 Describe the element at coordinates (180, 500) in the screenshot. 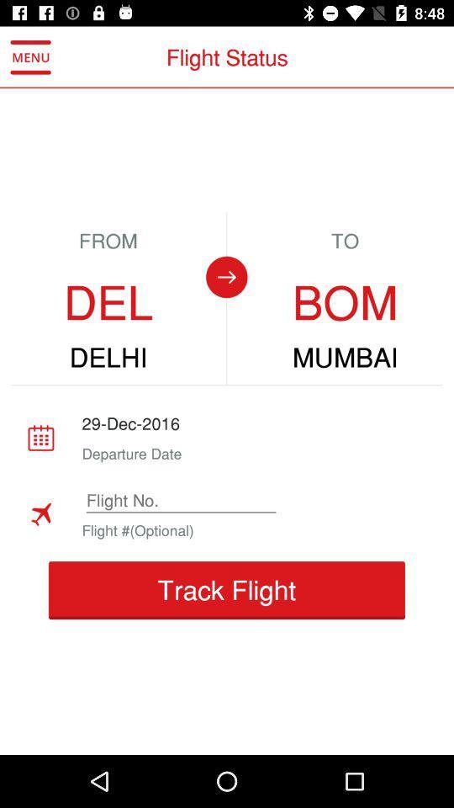

I see `paste flight no` at that location.